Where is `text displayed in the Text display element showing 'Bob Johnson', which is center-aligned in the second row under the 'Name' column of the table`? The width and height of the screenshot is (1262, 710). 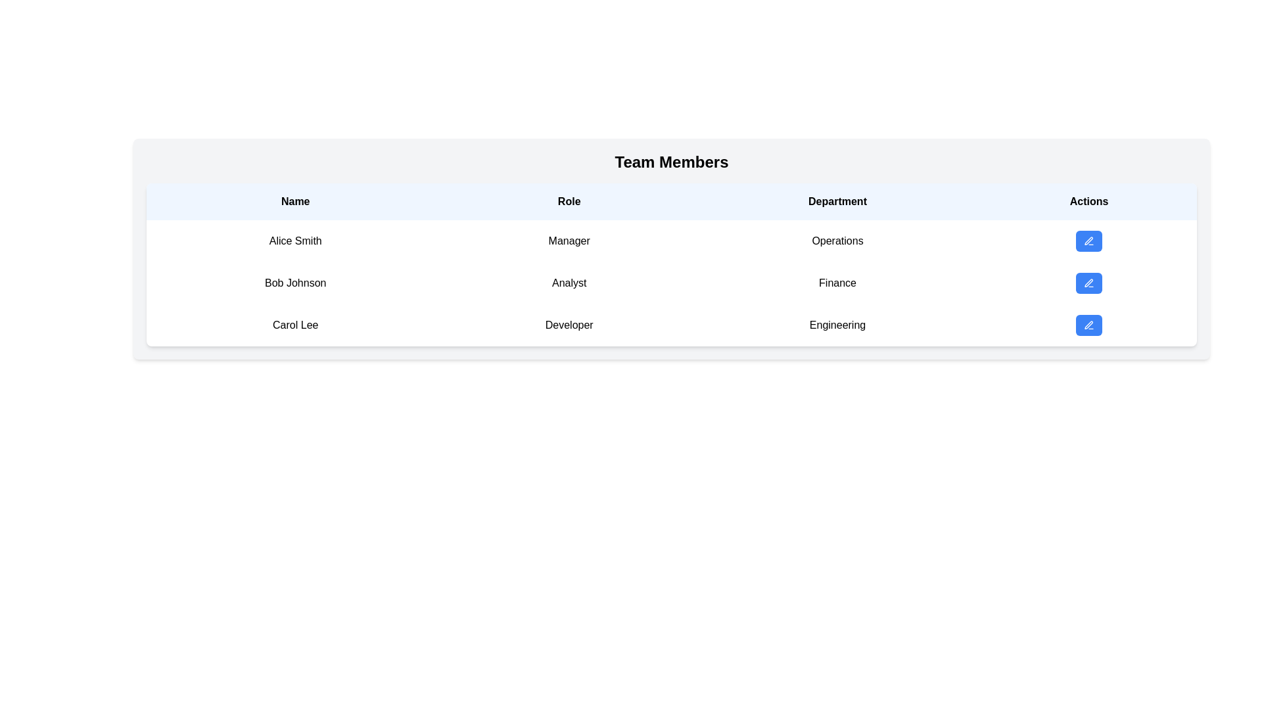 text displayed in the Text display element showing 'Bob Johnson', which is center-aligned in the second row under the 'Name' column of the table is located at coordinates (294, 283).